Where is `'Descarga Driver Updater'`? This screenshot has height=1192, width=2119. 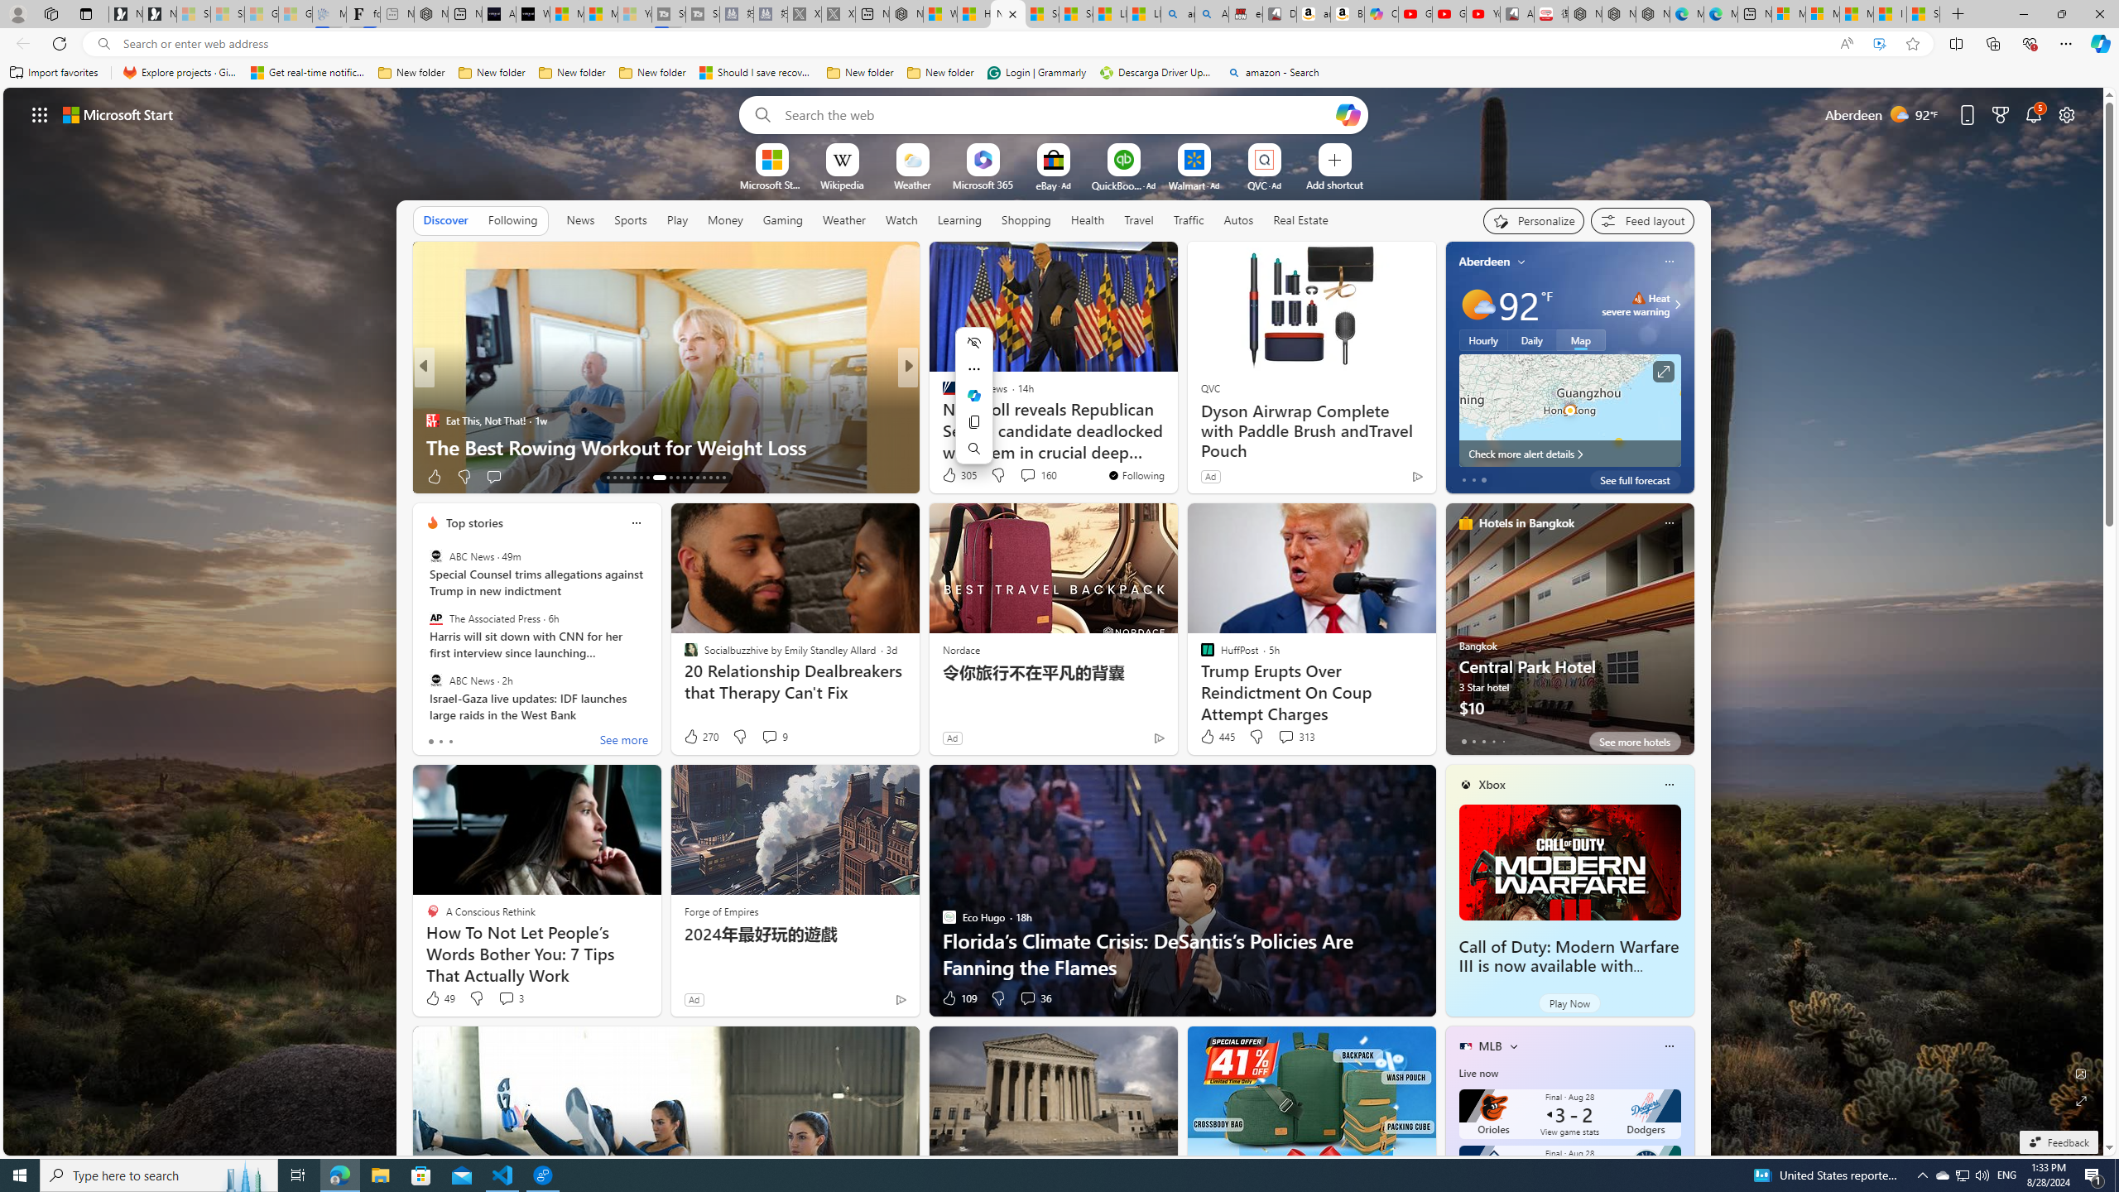
'Descarga Driver Updater' is located at coordinates (1156, 72).